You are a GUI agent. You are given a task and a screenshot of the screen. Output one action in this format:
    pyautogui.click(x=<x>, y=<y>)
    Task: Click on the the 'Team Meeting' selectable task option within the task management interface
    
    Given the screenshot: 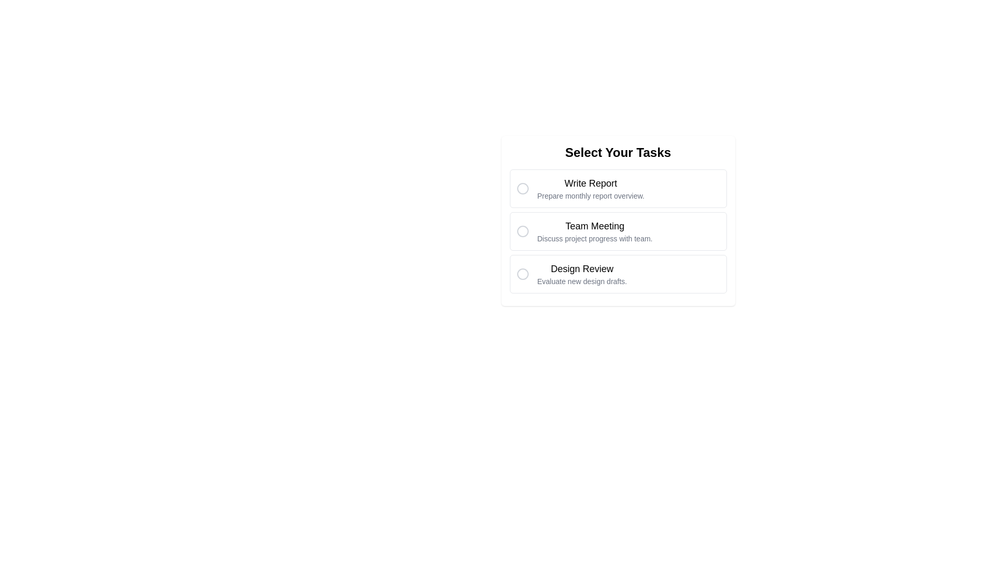 What is the action you would take?
    pyautogui.click(x=618, y=221)
    